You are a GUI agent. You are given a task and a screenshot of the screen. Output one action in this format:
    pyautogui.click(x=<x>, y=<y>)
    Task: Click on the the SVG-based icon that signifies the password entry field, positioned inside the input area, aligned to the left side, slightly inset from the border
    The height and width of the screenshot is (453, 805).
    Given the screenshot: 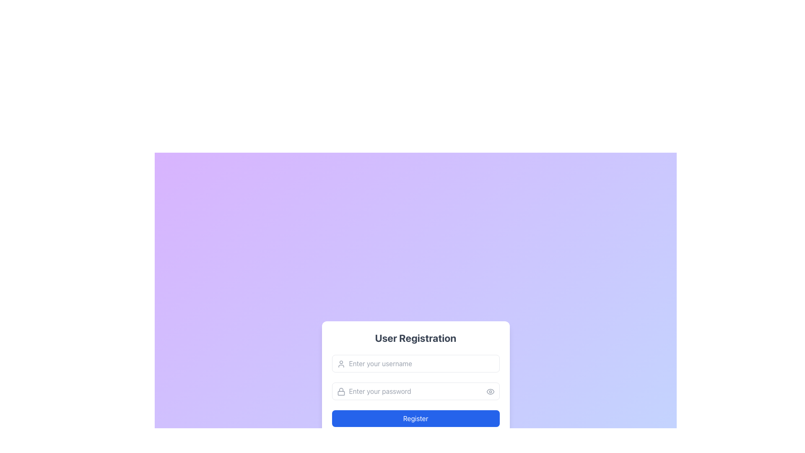 What is the action you would take?
    pyautogui.click(x=341, y=391)
    